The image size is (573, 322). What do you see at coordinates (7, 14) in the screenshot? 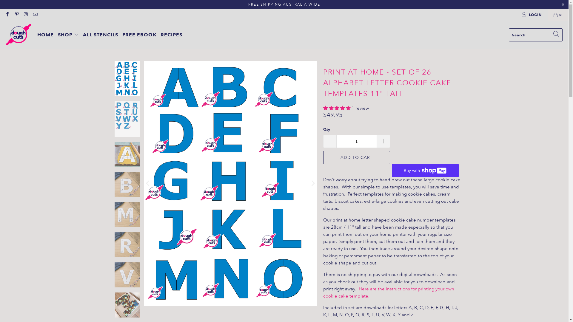
I see `'DoughCuts on Facebook'` at bounding box center [7, 14].